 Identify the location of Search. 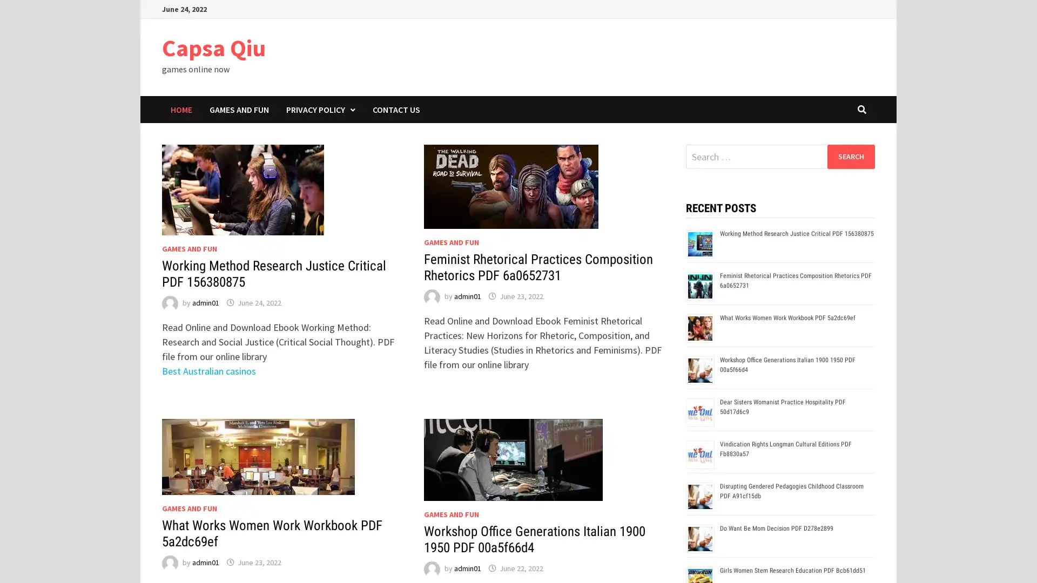
(850, 156).